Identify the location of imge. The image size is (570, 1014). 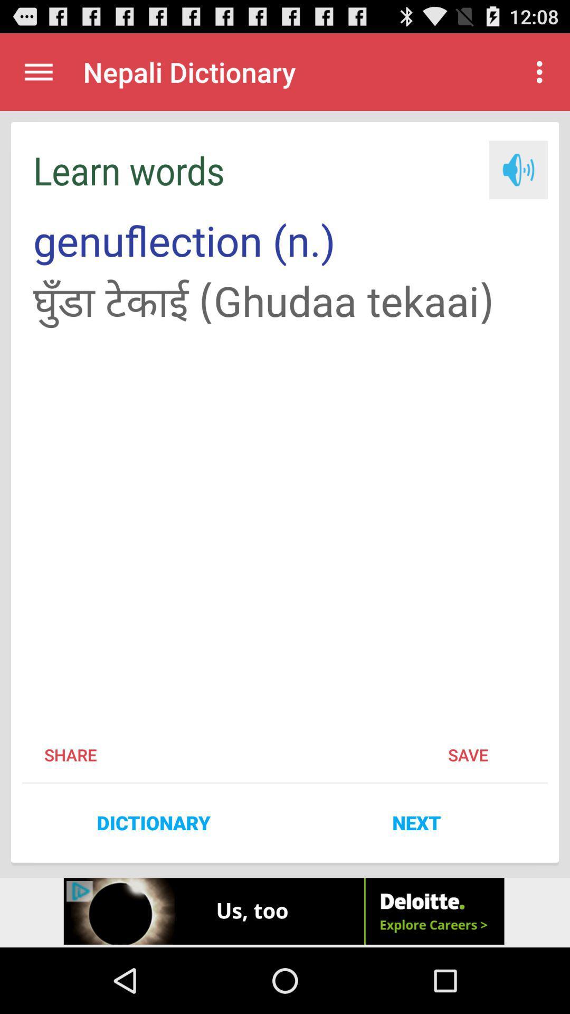
(518, 170).